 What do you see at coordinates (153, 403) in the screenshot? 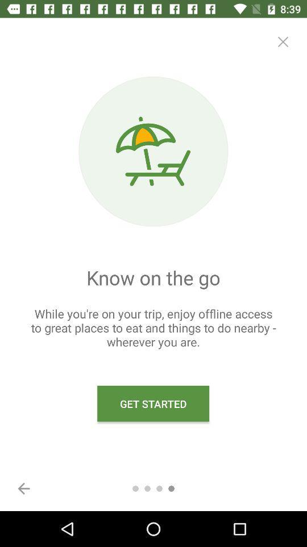
I see `get started` at bounding box center [153, 403].